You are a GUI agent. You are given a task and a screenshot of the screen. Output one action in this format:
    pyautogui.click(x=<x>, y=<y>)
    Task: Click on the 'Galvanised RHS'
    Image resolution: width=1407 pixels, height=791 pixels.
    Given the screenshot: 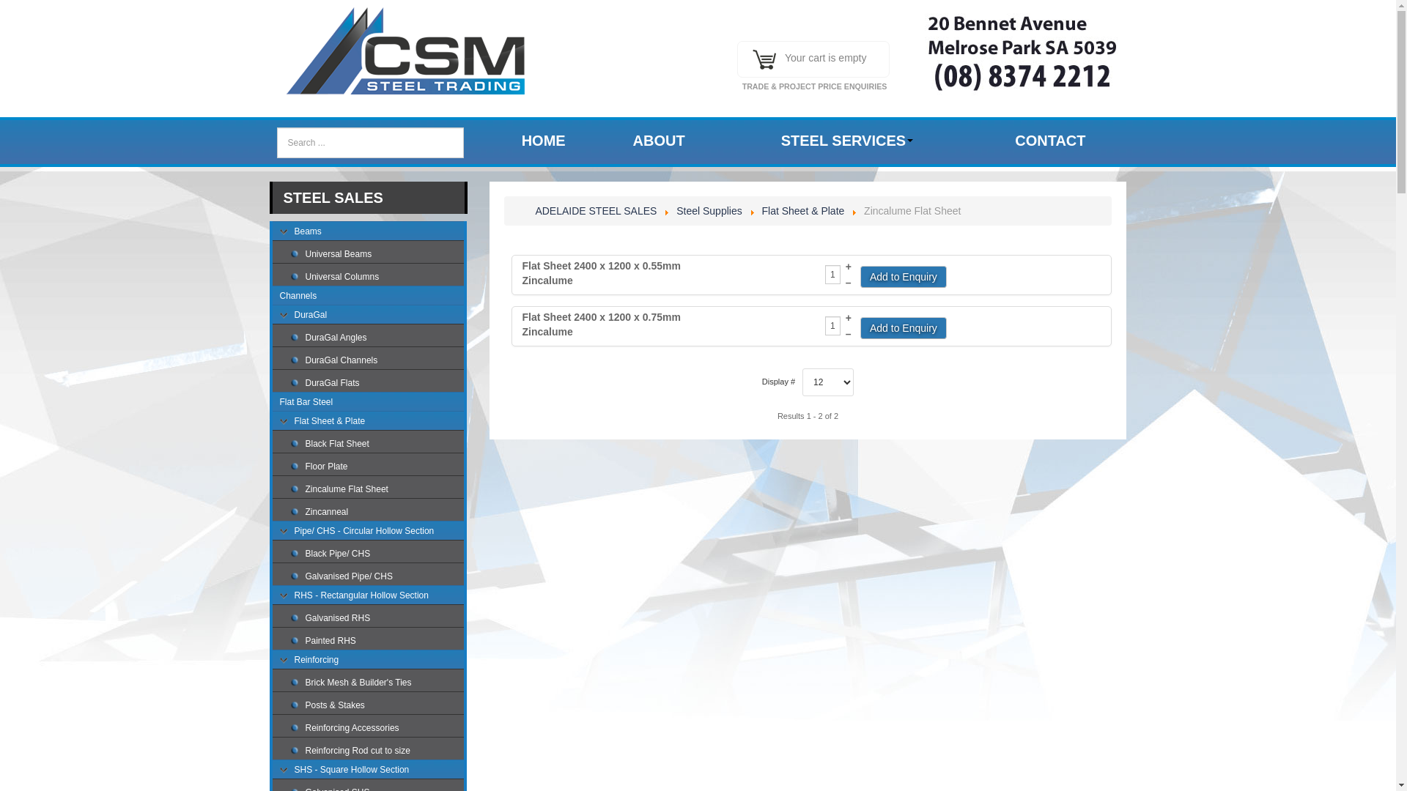 What is the action you would take?
    pyautogui.click(x=377, y=619)
    